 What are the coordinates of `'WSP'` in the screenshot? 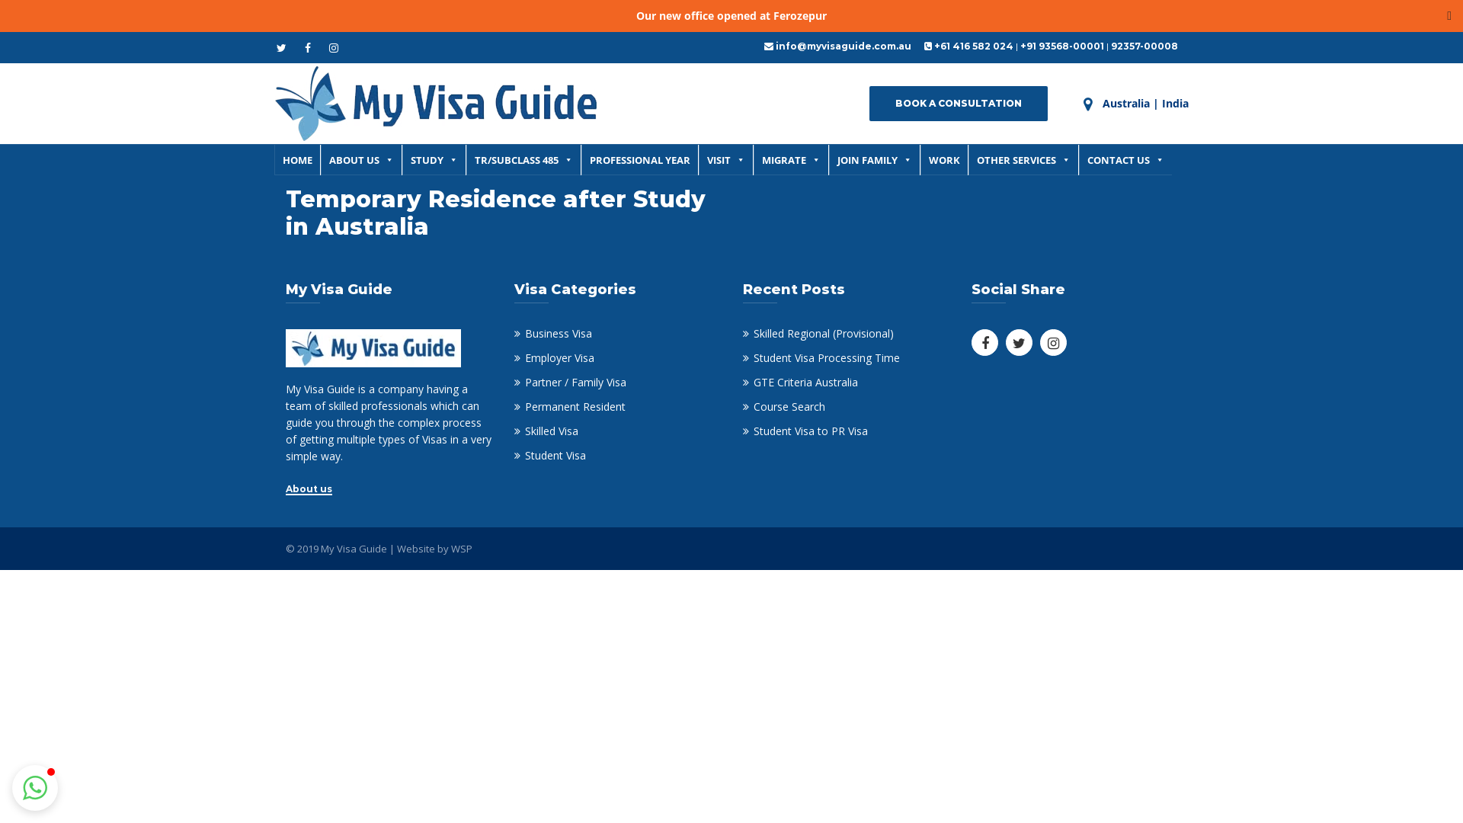 It's located at (460, 549).